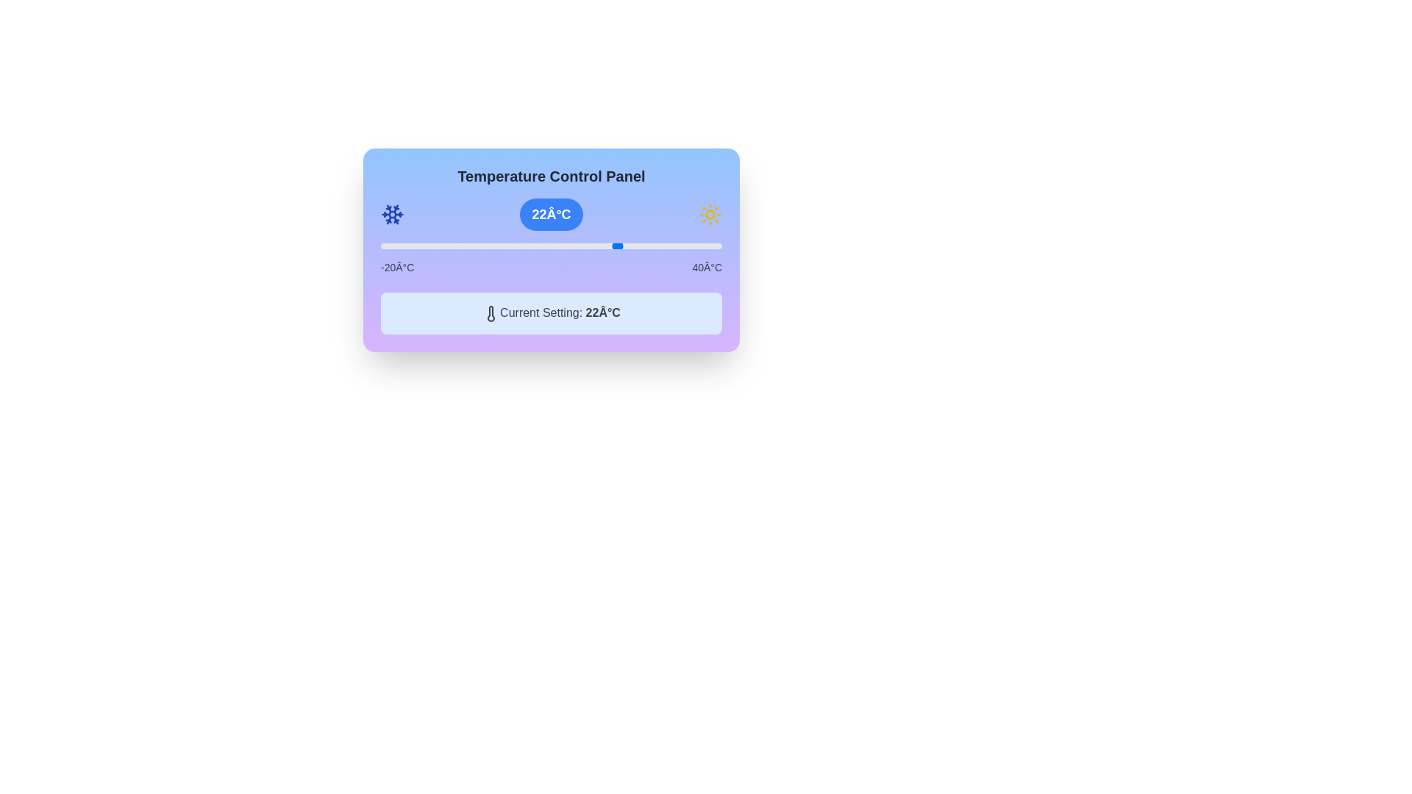 This screenshot has height=794, width=1412. I want to click on the slider to set the temperature to -7°C, so click(454, 246).